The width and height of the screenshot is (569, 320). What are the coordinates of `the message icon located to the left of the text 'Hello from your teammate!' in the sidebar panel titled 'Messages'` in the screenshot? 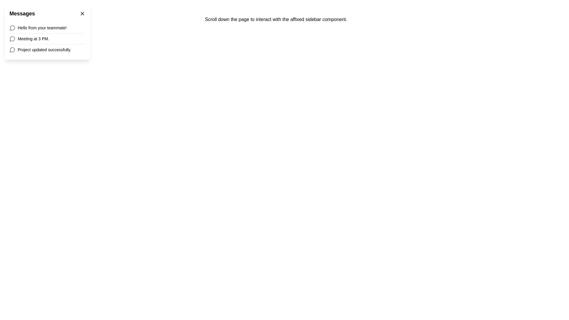 It's located at (12, 28).